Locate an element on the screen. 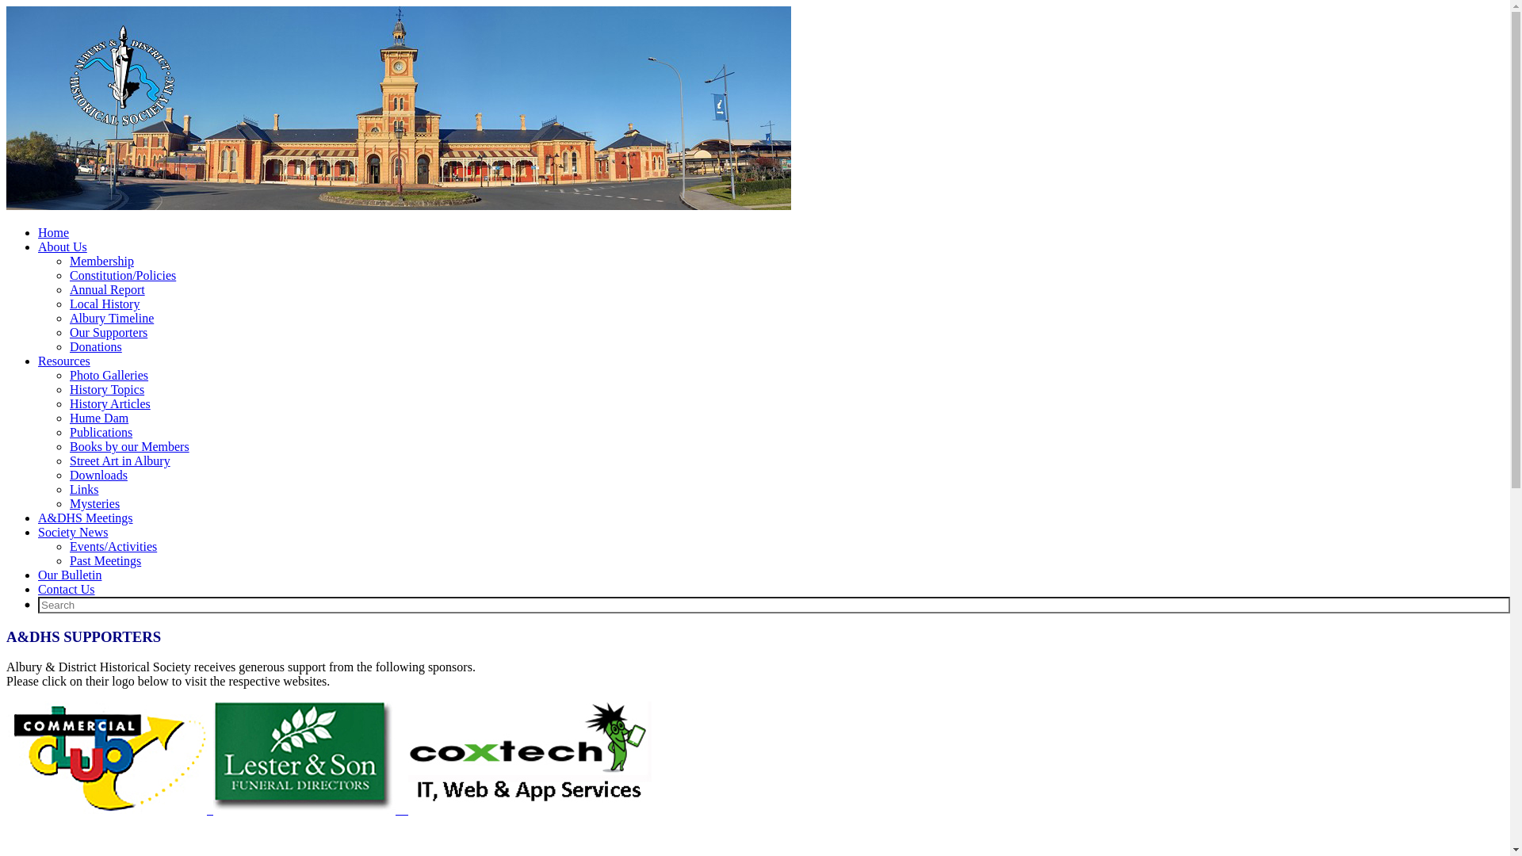 Image resolution: width=1522 pixels, height=856 pixels. 'Street Art in Albury' is located at coordinates (68, 460).